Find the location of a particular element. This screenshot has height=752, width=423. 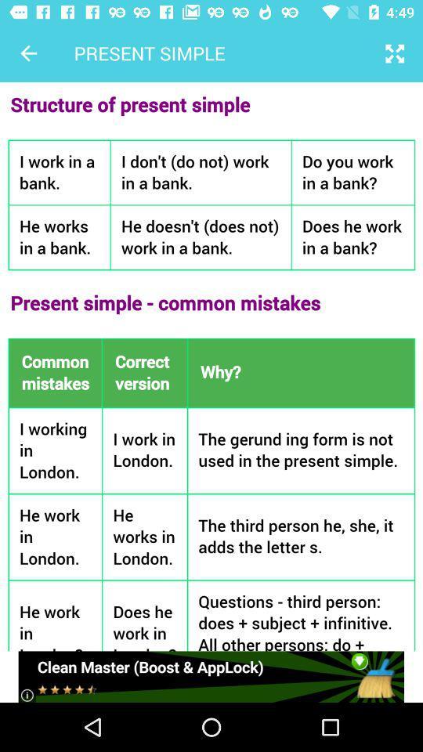

advertisement page is located at coordinates (211, 676).